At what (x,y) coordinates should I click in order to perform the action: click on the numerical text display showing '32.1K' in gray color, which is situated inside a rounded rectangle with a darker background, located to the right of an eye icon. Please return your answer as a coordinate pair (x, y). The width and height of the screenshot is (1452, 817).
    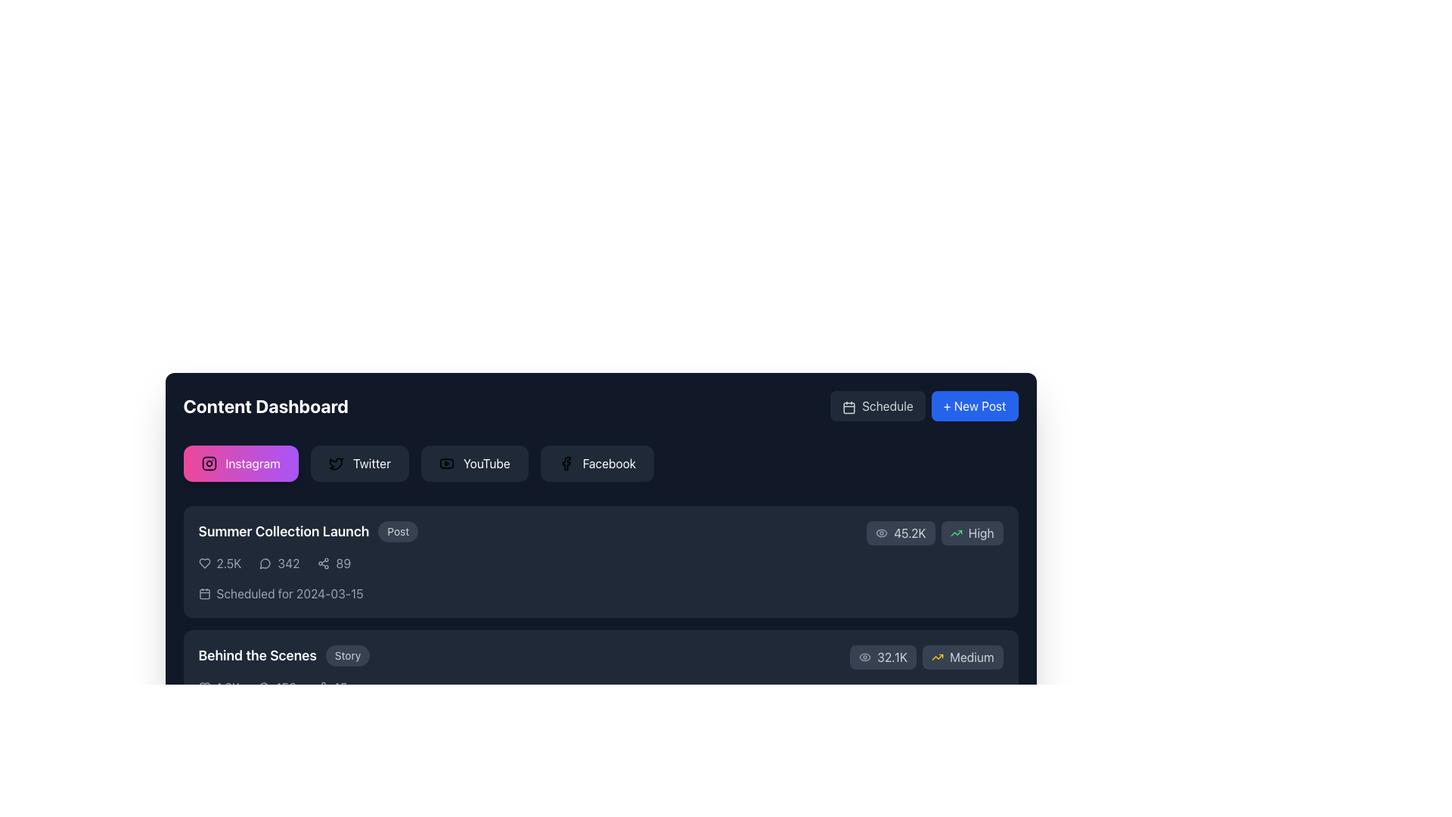
    Looking at the image, I should click on (892, 656).